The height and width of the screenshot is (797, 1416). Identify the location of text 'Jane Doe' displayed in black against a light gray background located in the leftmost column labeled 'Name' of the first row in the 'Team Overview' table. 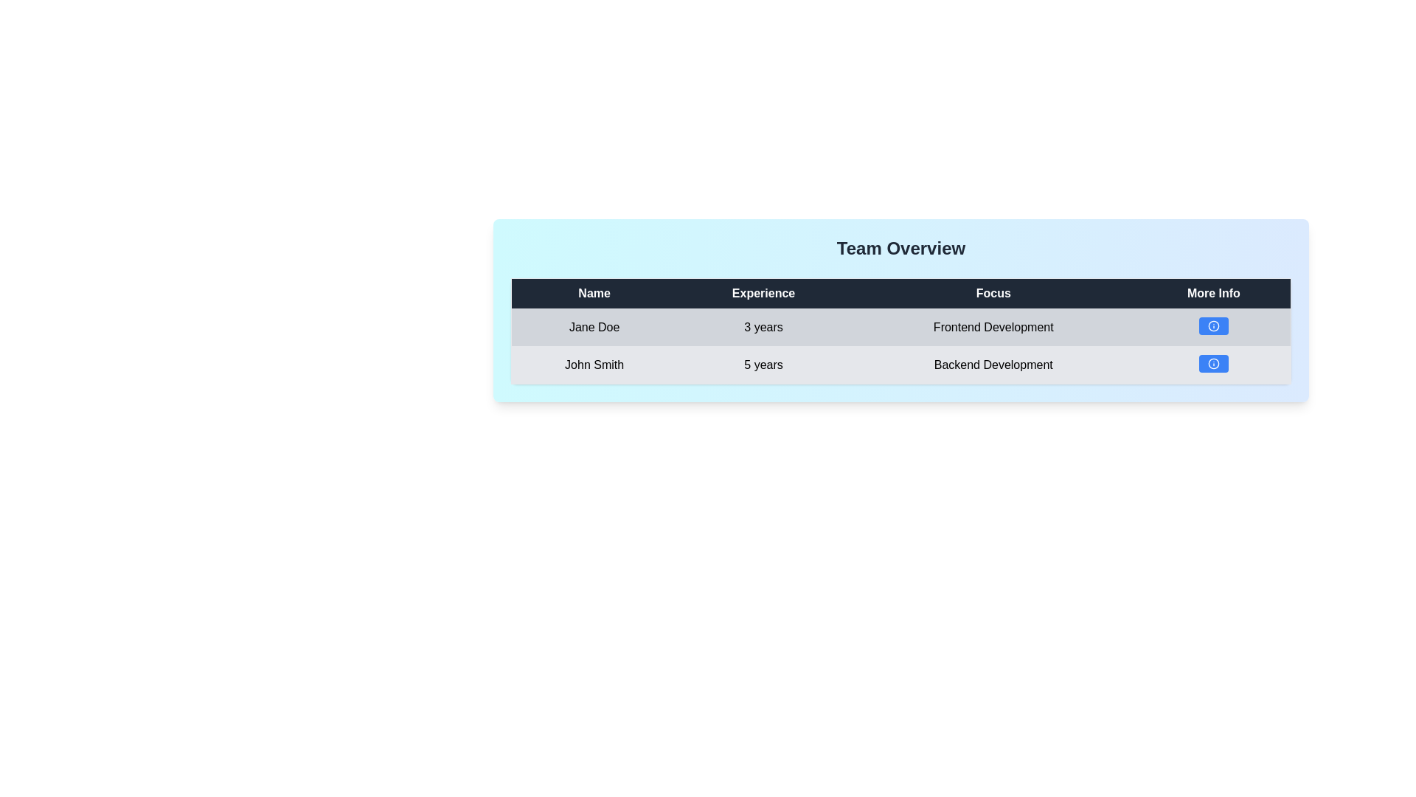
(594, 326).